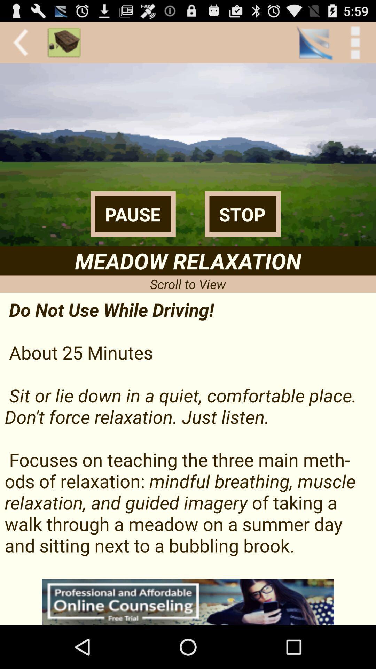 This screenshot has height=669, width=376. Describe the element at coordinates (188, 602) in the screenshot. I see `interact with advertisement` at that location.